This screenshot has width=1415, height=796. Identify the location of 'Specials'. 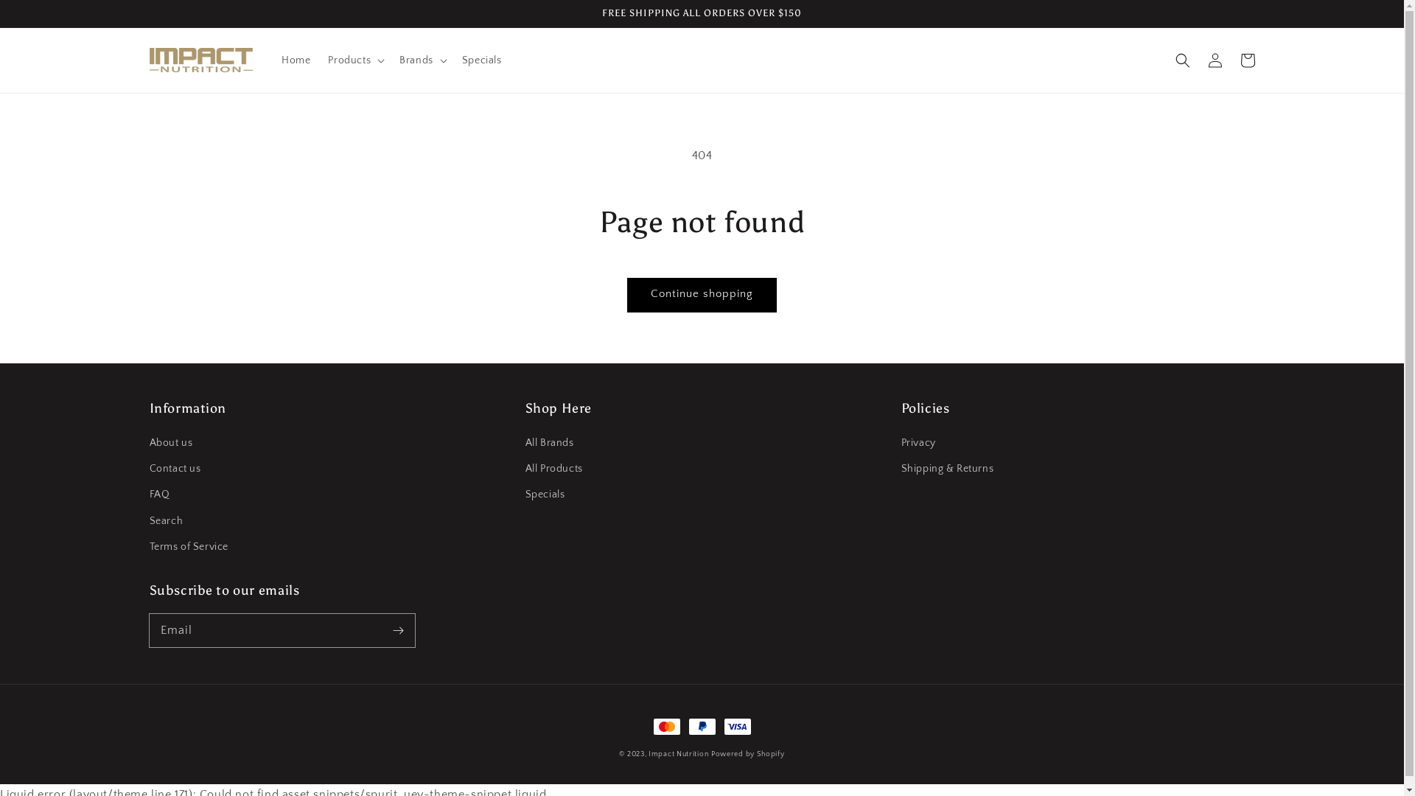
(544, 495).